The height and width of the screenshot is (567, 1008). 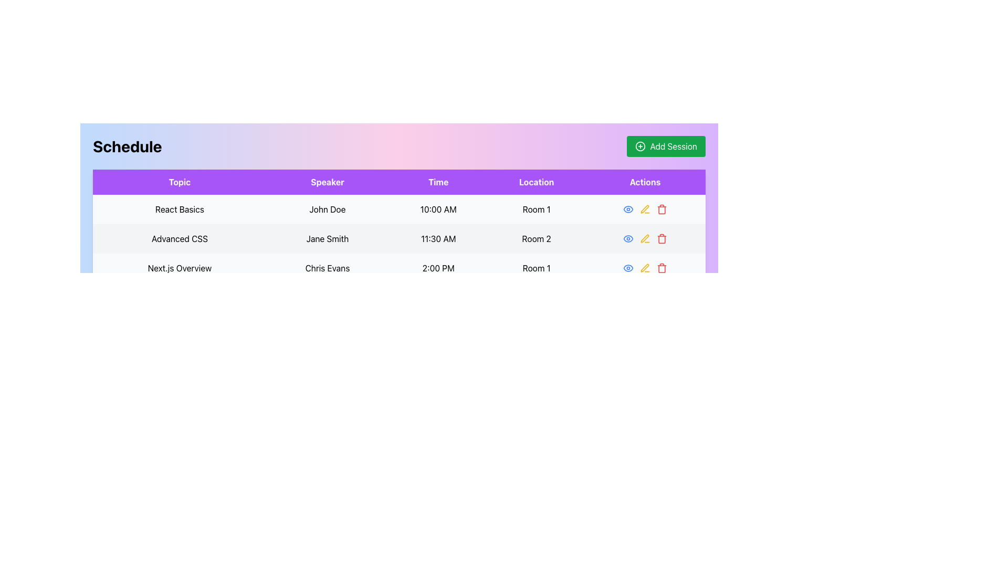 What do you see at coordinates (644, 182) in the screenshot?
I see `the 'Actions' column header in the table, which is the fifth column from the left, positioned above action icons` at bounding box center [644, 182].